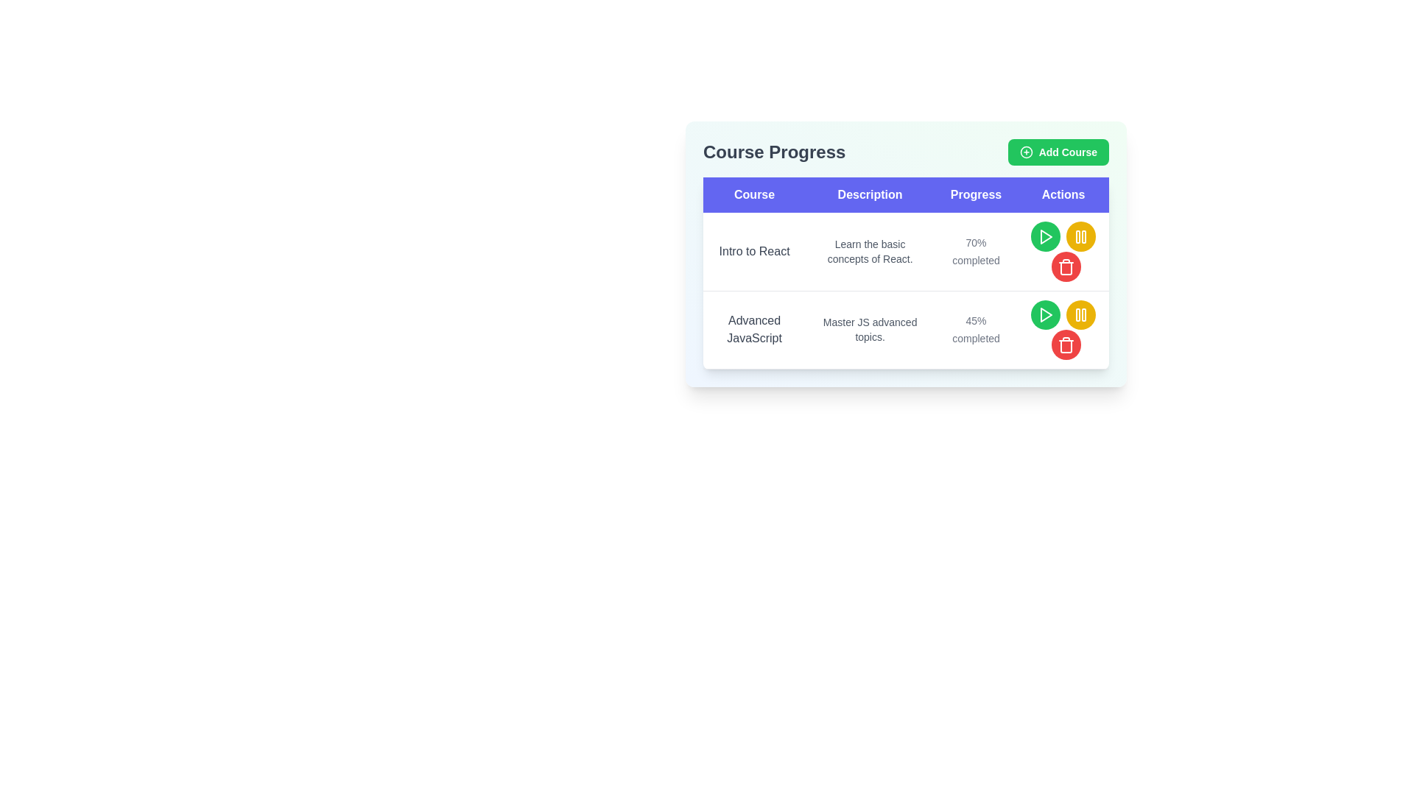 The width and height of the screenshot is (1414, 795). What do you see at coordinates (1078, 314) in the screenshot?
I see `the left rectangle of the pause button located in the 'Actions' column of the interface, which signifies the action to halt a course's progress` at bounding box center [1078, 314].